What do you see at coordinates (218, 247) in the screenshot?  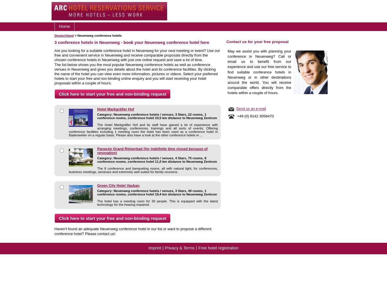 I see `'Free hotel registration'` at bounding box center [218, 247].